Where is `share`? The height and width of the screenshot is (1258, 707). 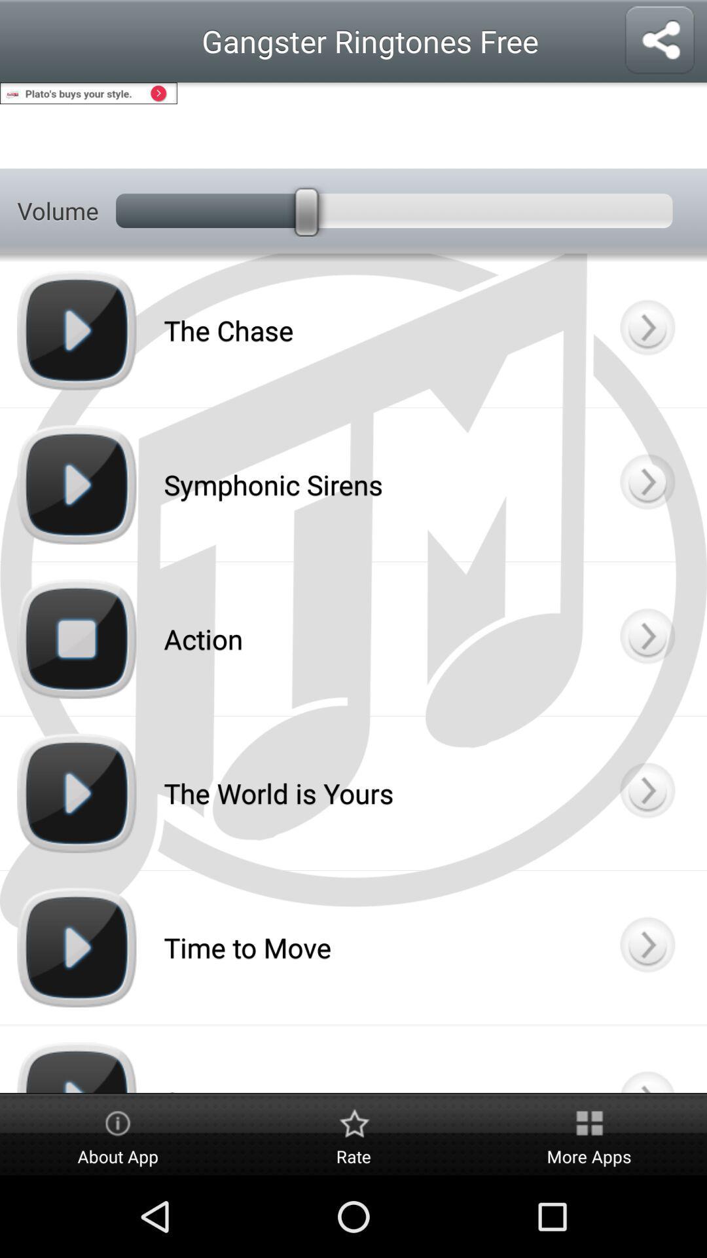
share is located at coordinates (659, 41).